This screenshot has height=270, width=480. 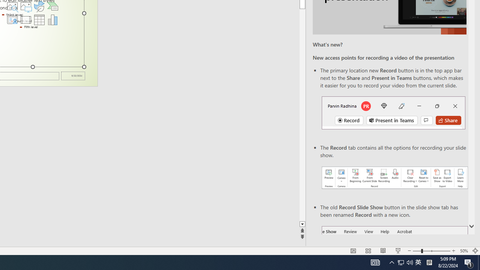 What do you see at coordinates (73, 76) in the screenshot?
I see `'Date'` at bounding box center [73, 76].